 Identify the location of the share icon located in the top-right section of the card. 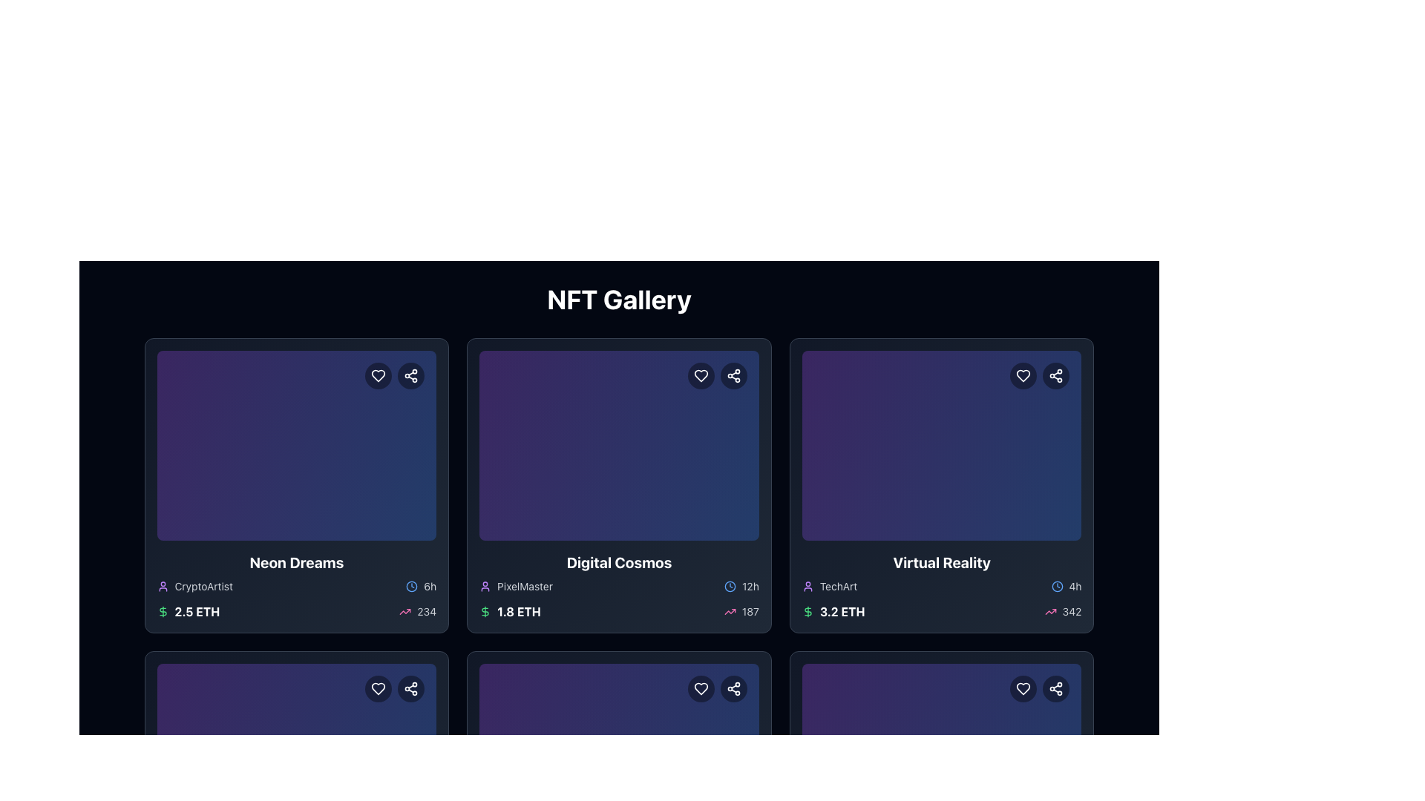
(410, 689).